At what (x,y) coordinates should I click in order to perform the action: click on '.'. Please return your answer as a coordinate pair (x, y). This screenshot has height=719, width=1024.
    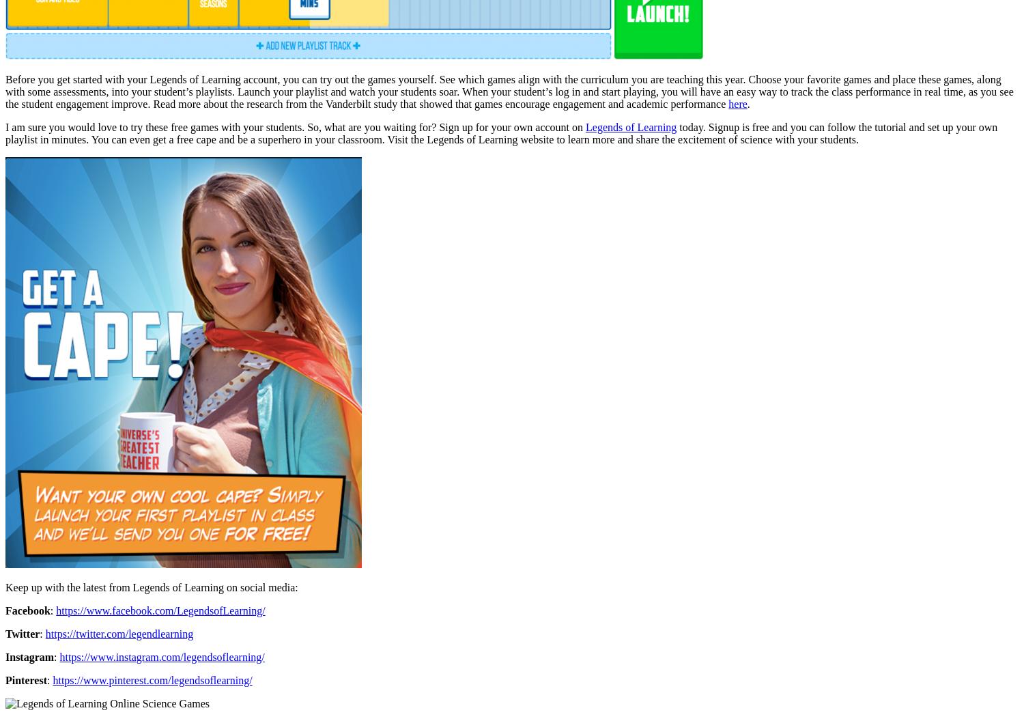
    Looking at the image, I should click on (748, 102).